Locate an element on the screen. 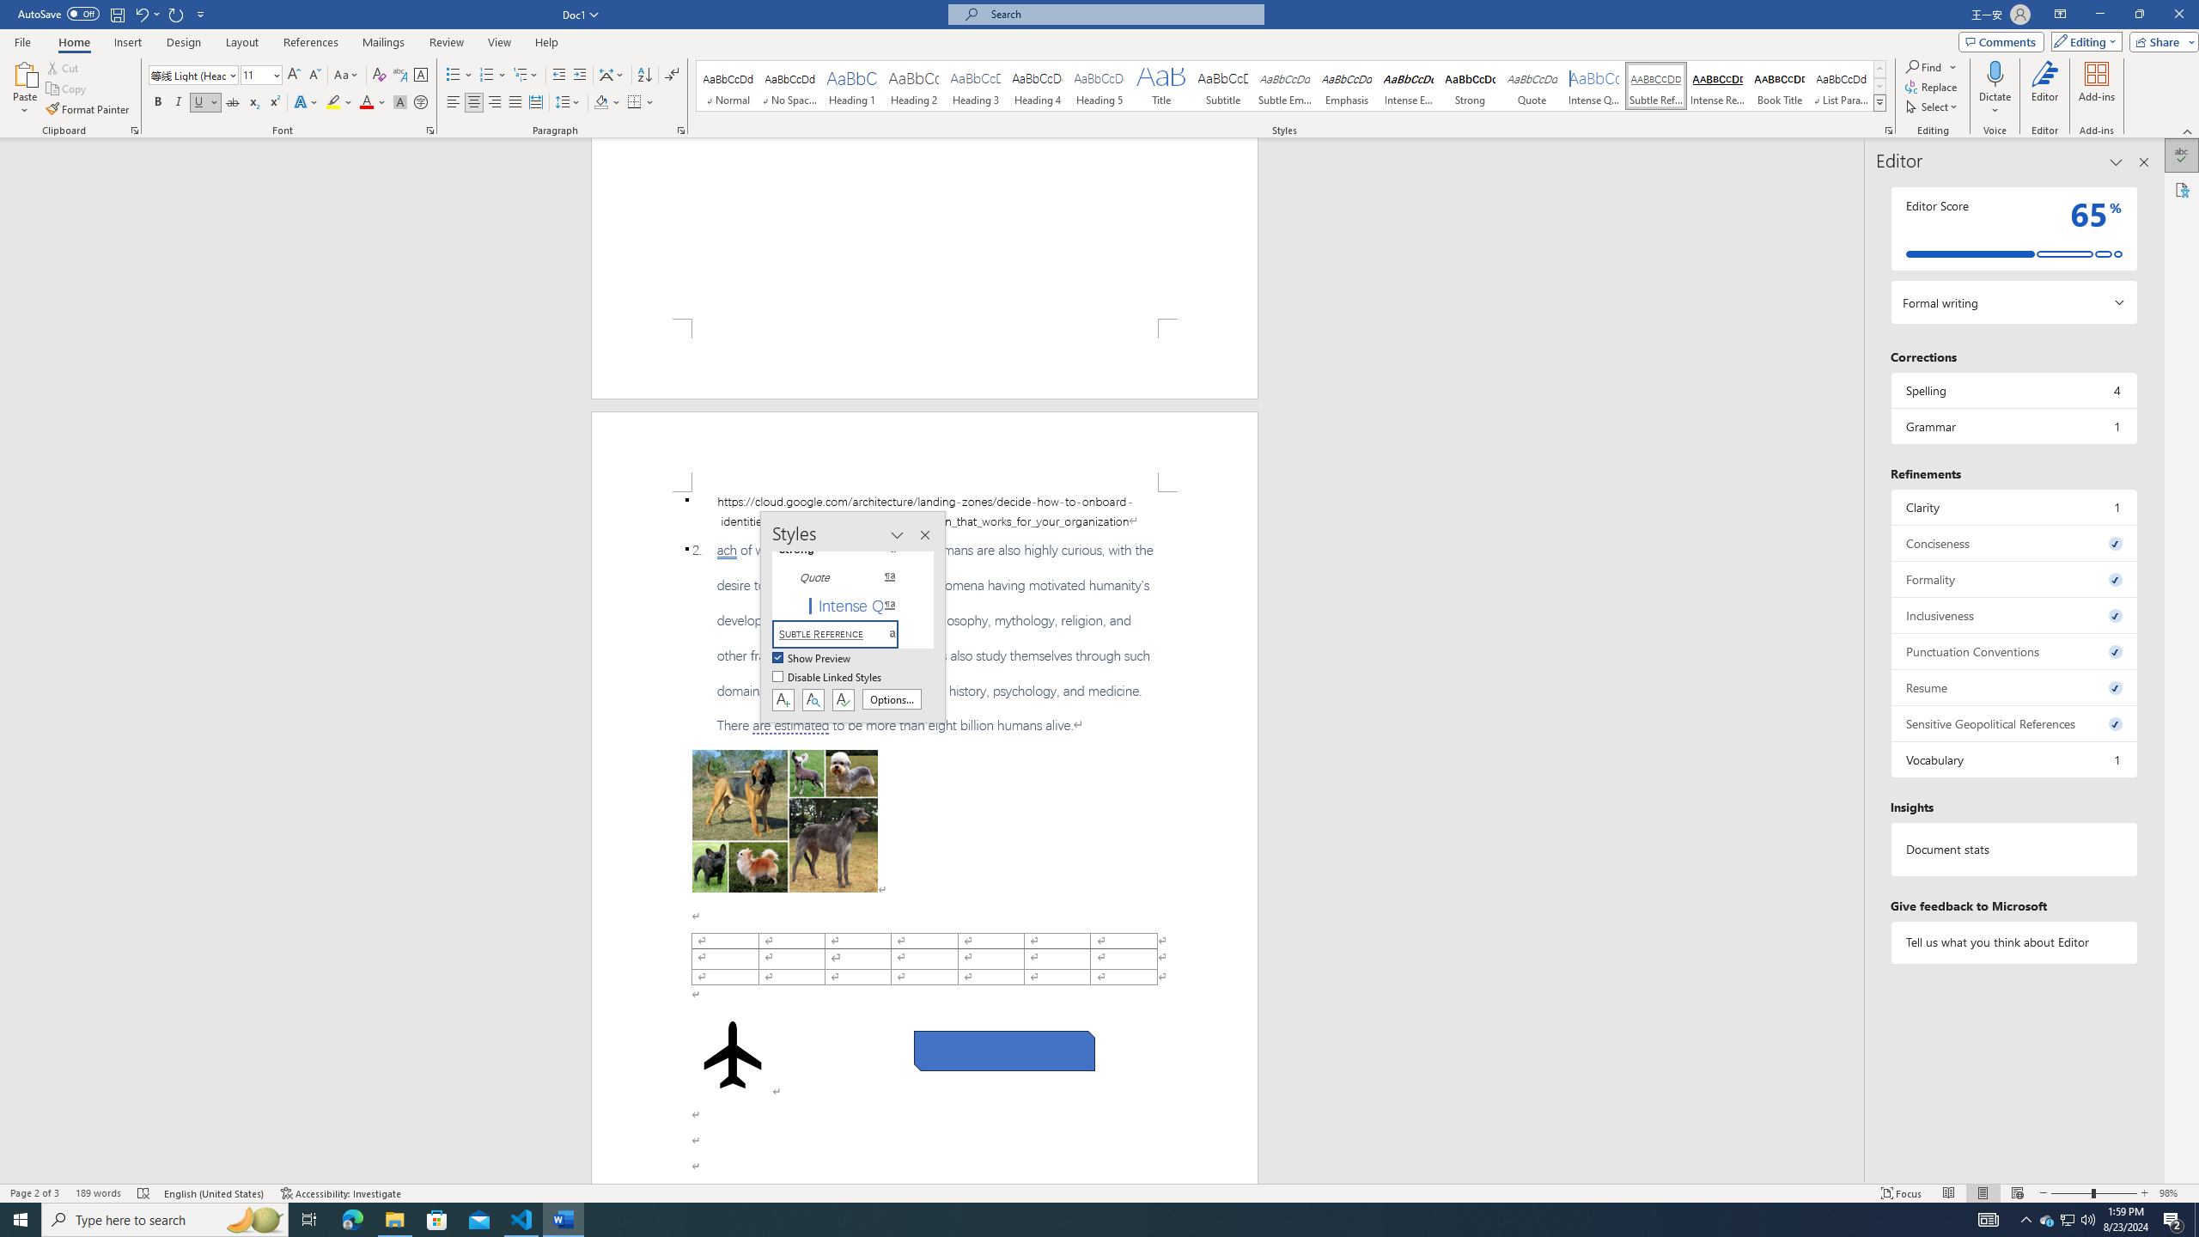 The image size is (2199, 1237). 'File Tab' is located at coordinates (21, 40).